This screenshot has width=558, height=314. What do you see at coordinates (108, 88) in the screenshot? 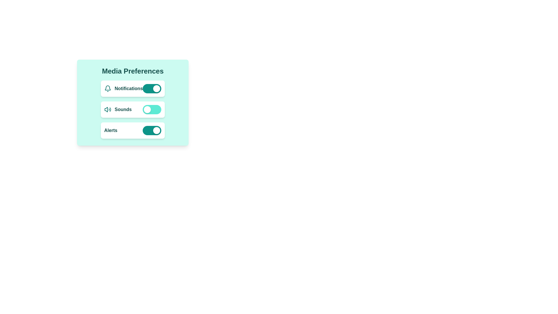
I see `the SVG icon representing notifications, which is located at the leftmost side of the horizontal group containing the bell icon and the text 'Notifications' in the 'Media Preferences' section` at bounding box center [108, 88].